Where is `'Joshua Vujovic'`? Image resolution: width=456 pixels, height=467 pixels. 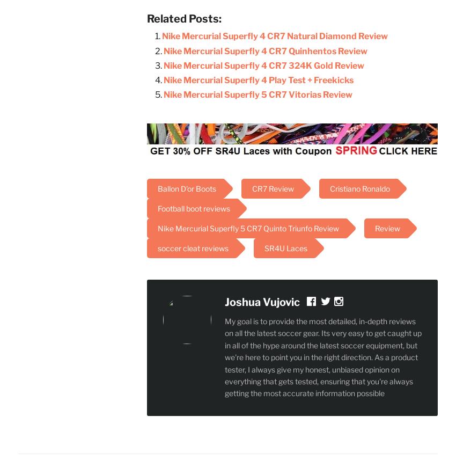
'Joshua Vujovic' is located at coordinates (262, 301).